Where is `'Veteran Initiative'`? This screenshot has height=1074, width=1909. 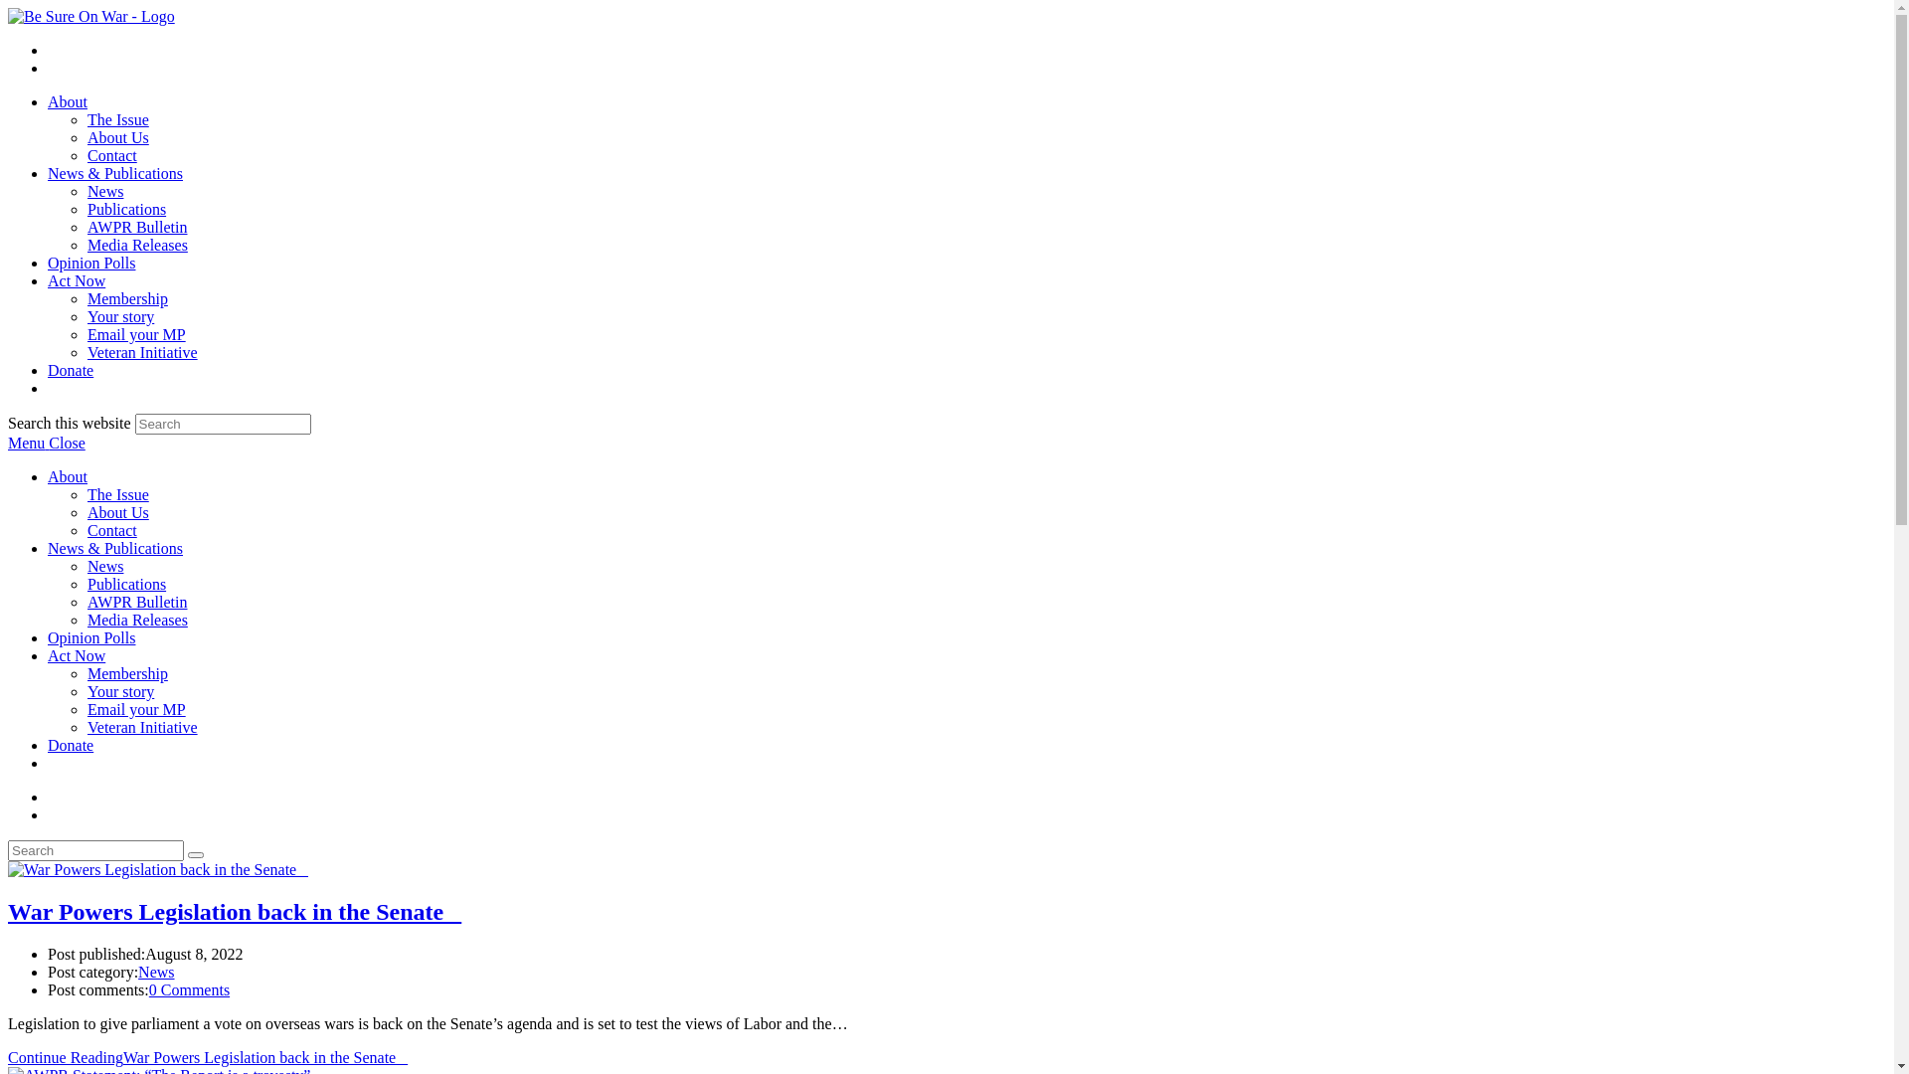 'Veteran Initiative' is located at coordinates (141, 727).